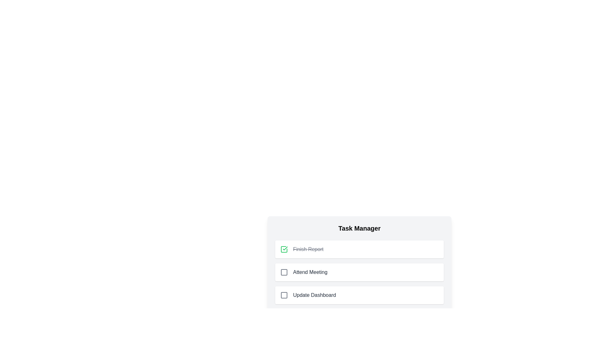 Image resolution: width=613 pixels, height=344 pixels. I want to click on the Checkbox icon positioned to the far left of the 'Attend Meeting' item in the task list, so click(284, 272).